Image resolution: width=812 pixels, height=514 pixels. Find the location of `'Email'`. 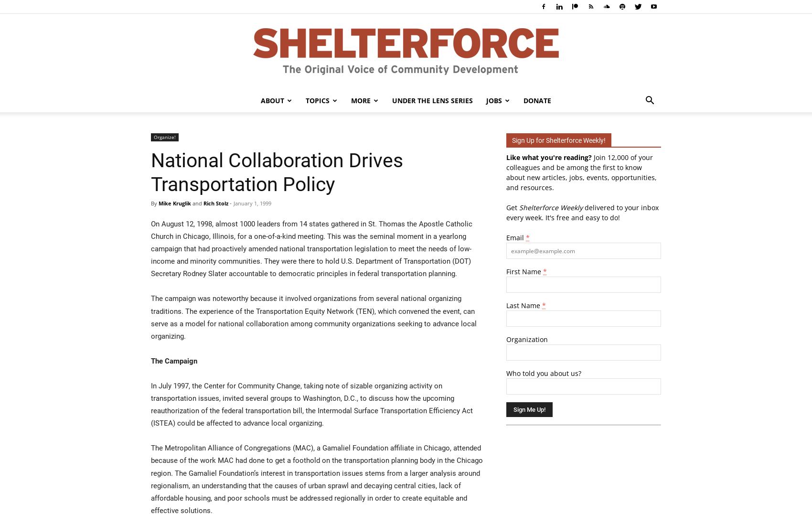

'Email' is located at coordinates (516, 237).